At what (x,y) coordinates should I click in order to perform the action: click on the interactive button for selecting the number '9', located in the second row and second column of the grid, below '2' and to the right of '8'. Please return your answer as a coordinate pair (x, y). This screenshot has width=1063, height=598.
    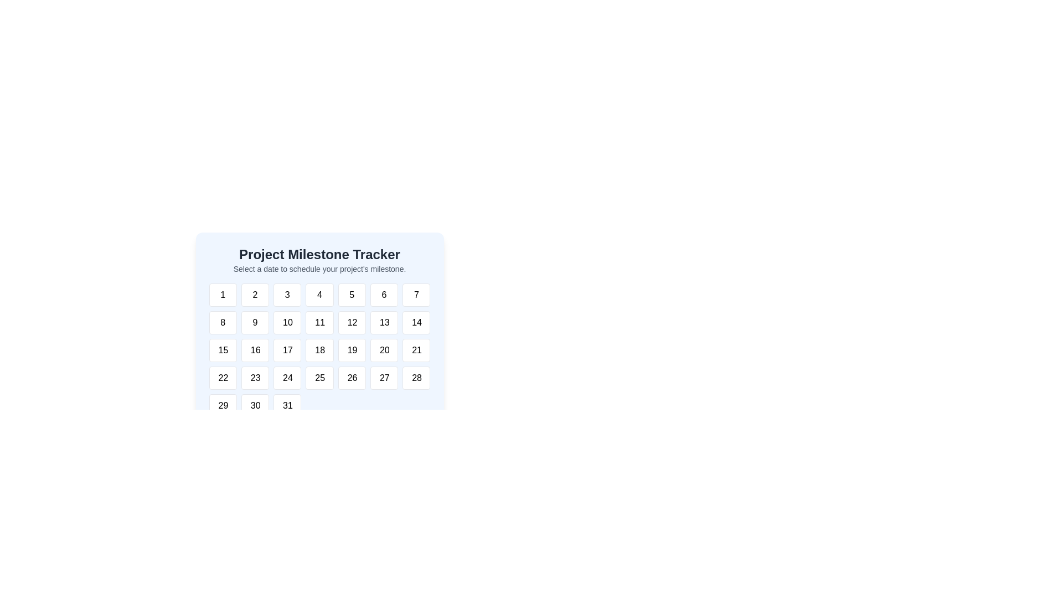
    Looking at the image, I should click on (254, 322).